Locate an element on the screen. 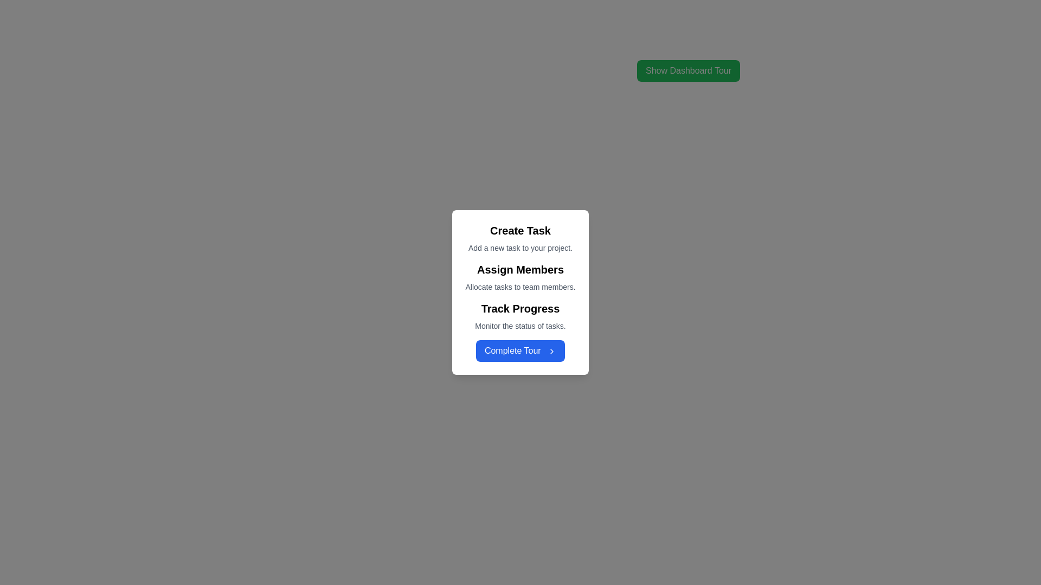 Image resolution: width=1041 pixels, height=585 pixels. the Informational Text Block titled 'Track Progress', which contains a bold title and a smaller gray text, located within a white rounded rectangle card as the third option in the list is located at coordinates (520, 316).